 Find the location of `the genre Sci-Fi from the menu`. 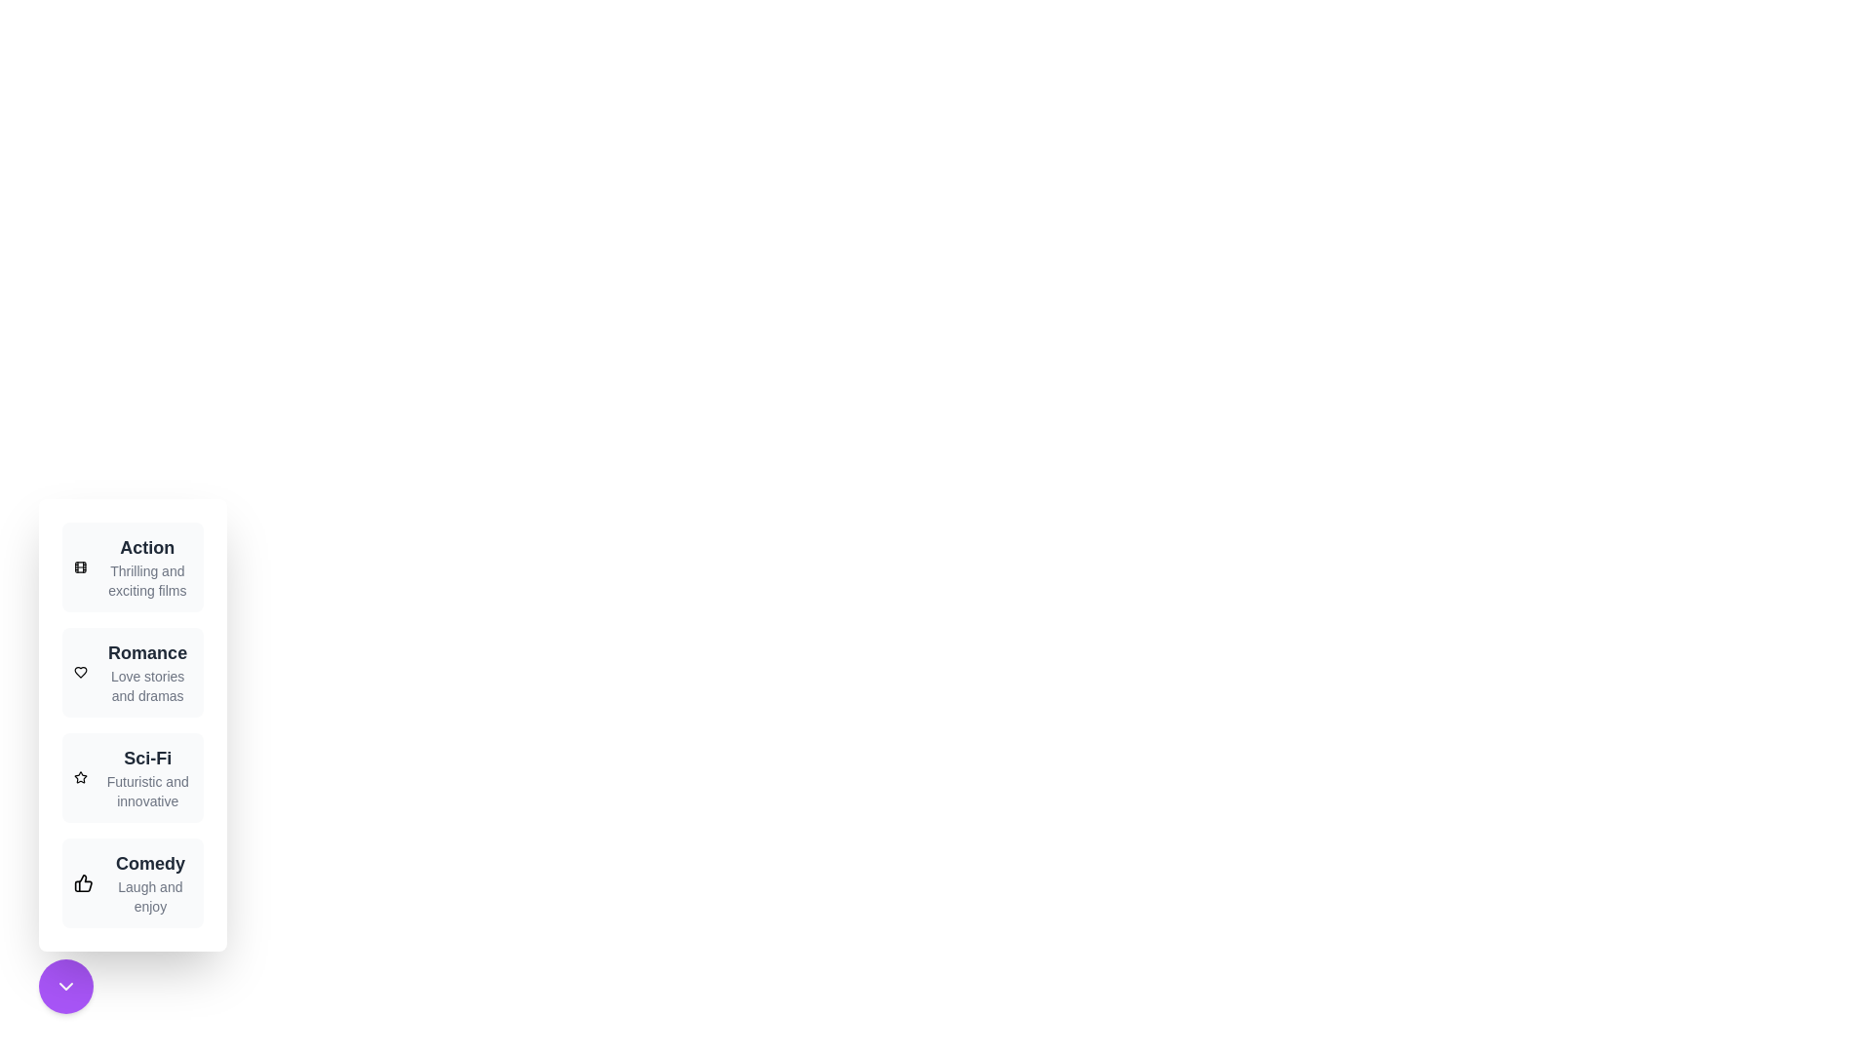

the genre Sci-Fi from the menu is located at coordinates (132, 777).